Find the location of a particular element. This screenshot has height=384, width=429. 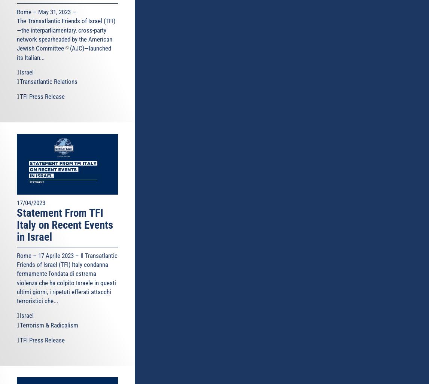

'American Jewish Committee' is located at coordinates (64, 43).